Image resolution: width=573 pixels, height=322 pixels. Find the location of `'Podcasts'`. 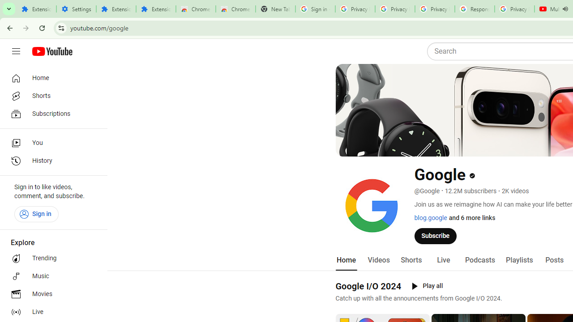

'Podcasts' is located at coordinates (479, 260).